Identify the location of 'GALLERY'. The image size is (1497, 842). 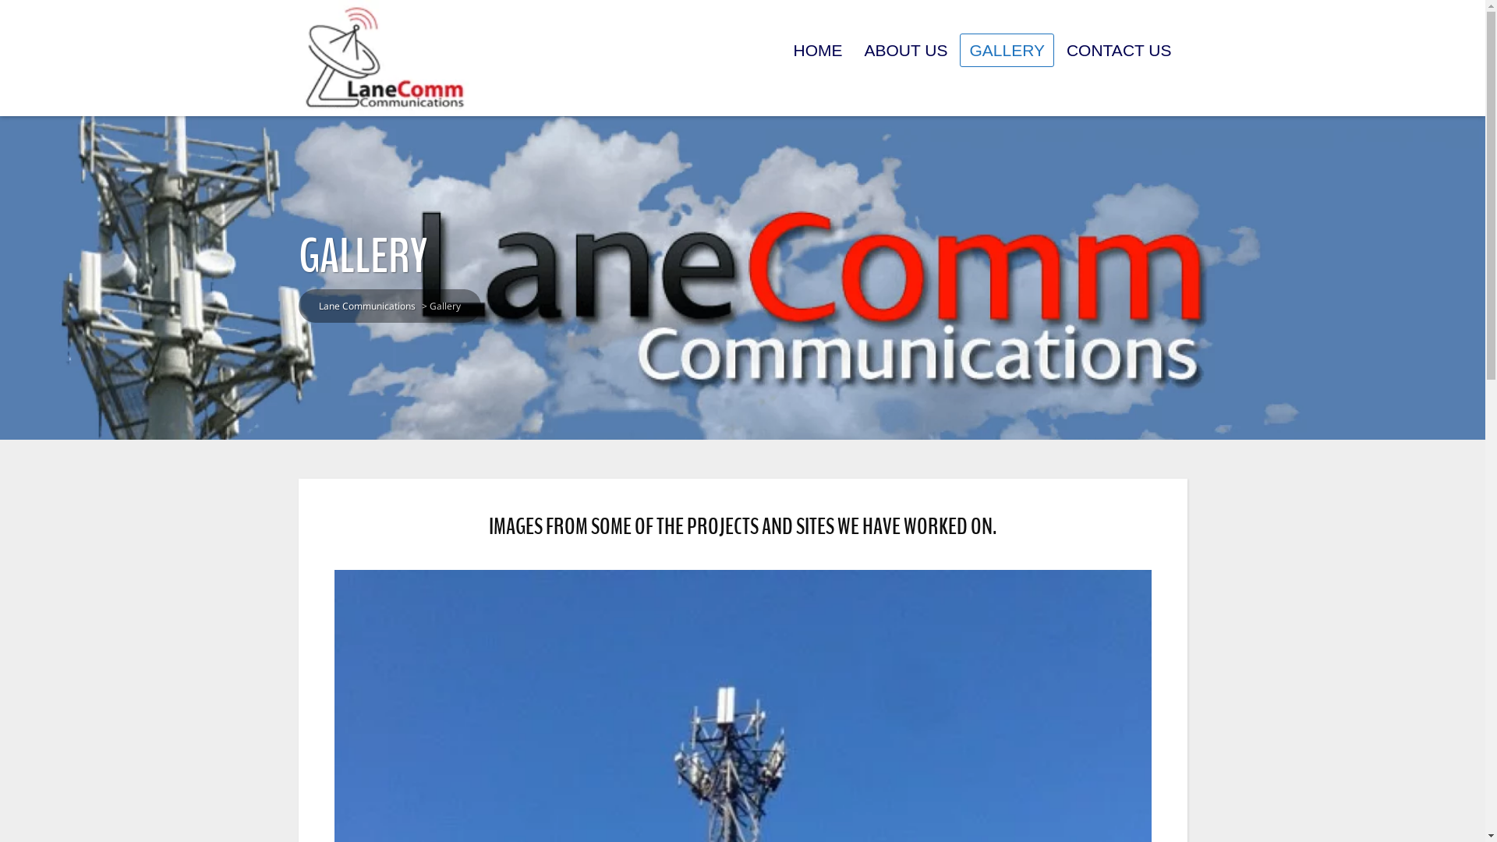
(1007, 49).